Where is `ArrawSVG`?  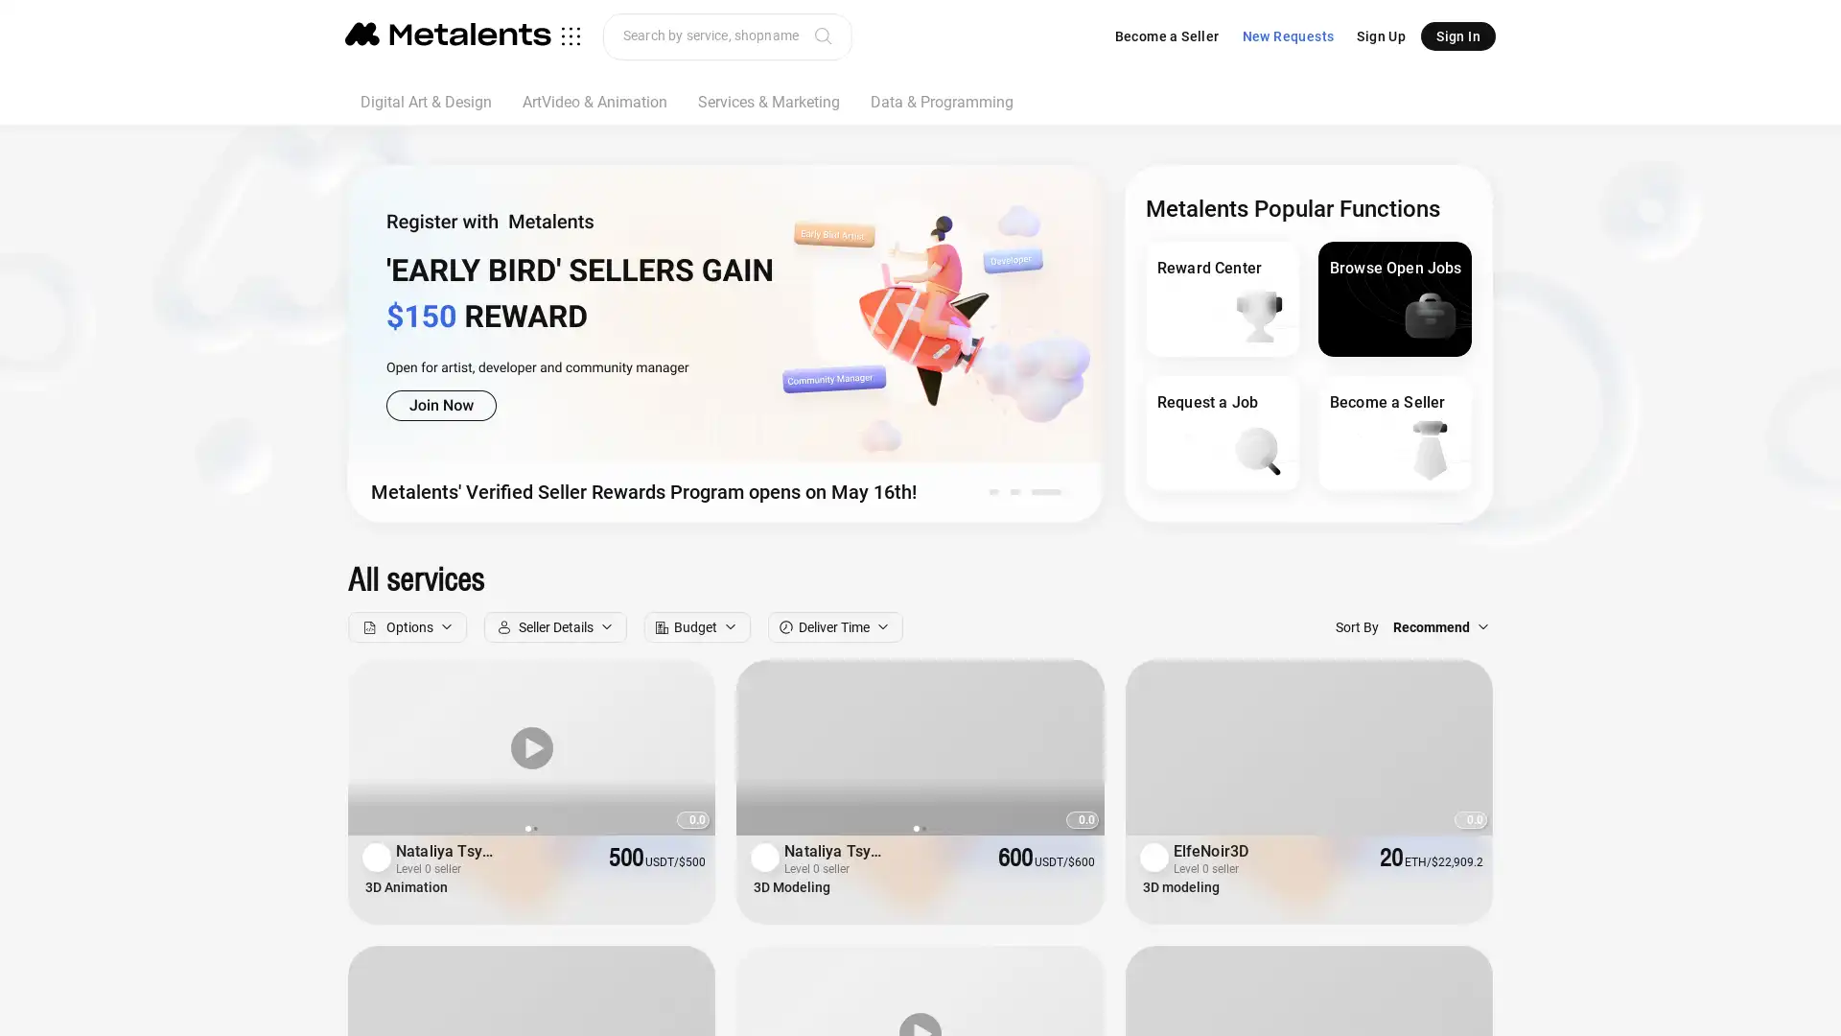
ArrawSVG is located at coordinates (685, 746).